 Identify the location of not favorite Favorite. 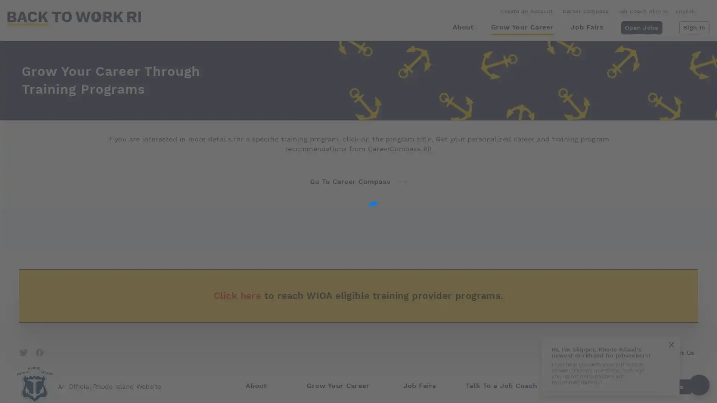
(320, 294).